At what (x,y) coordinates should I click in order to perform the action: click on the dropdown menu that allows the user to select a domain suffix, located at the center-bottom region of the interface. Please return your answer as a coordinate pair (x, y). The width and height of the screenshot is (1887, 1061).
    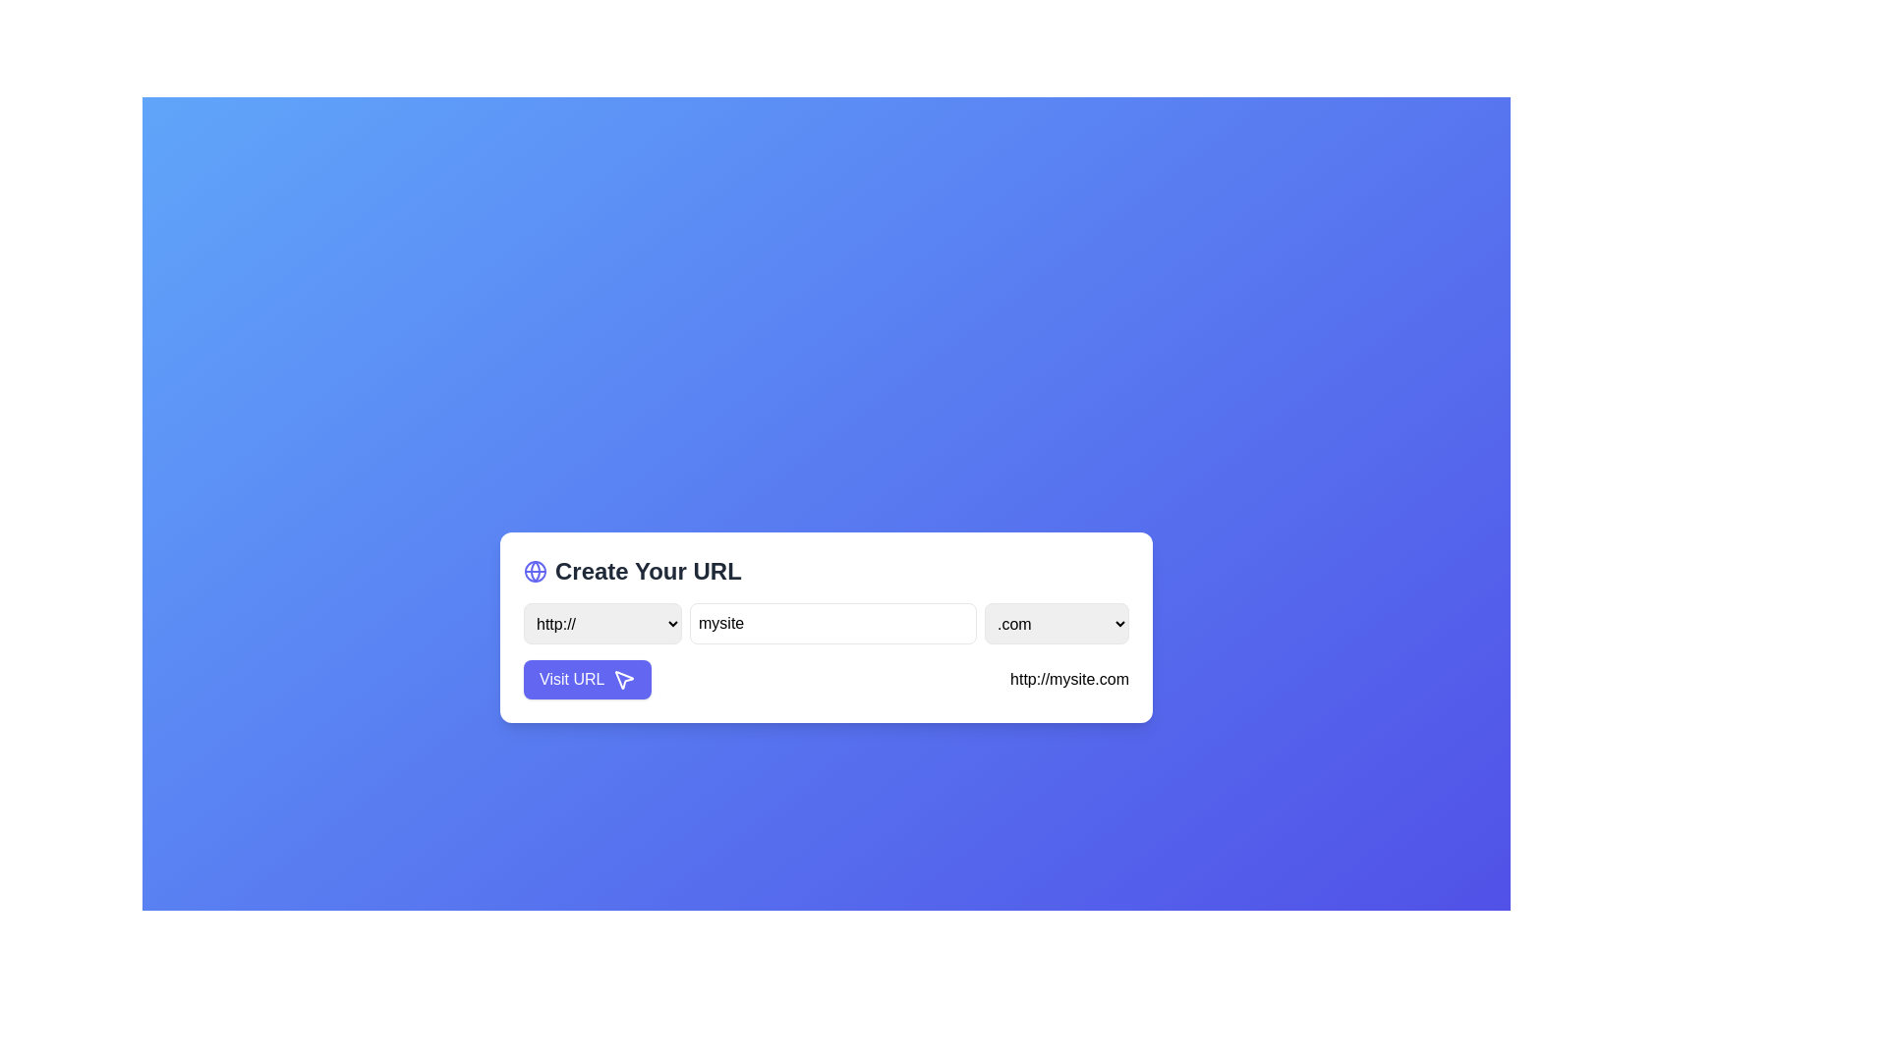
    Looking at the image, I should click on (1056, 624).